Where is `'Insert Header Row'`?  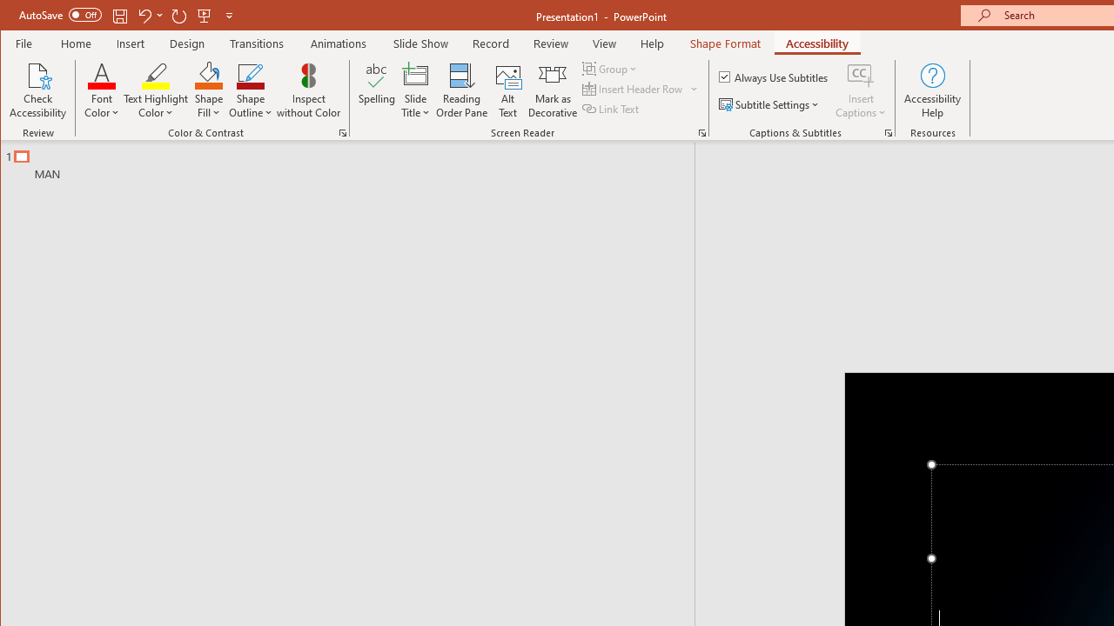
'Insert Header Row' is located at coordinates (633, 89).